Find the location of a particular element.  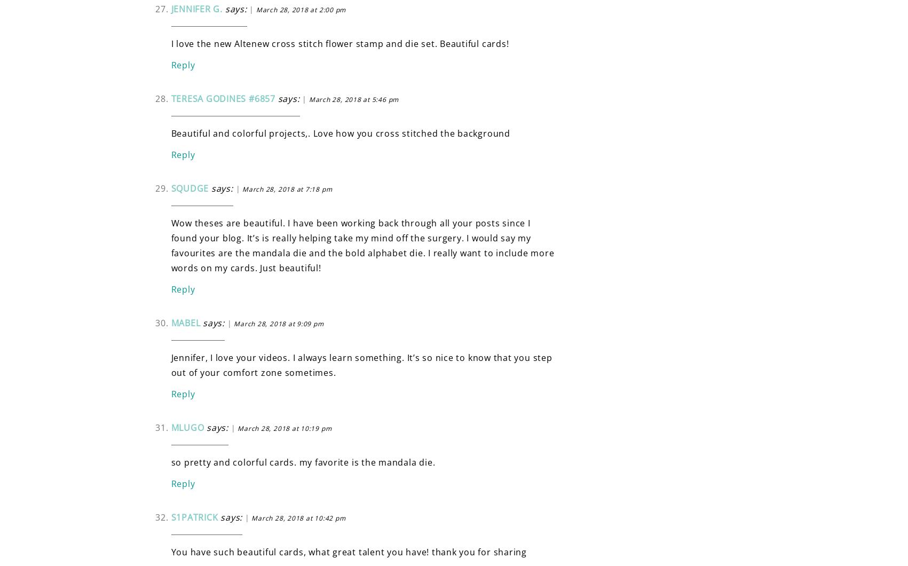

'so pretty and colorful cards. my favorite is the mandala die.' is located at coordinates (303, 461).